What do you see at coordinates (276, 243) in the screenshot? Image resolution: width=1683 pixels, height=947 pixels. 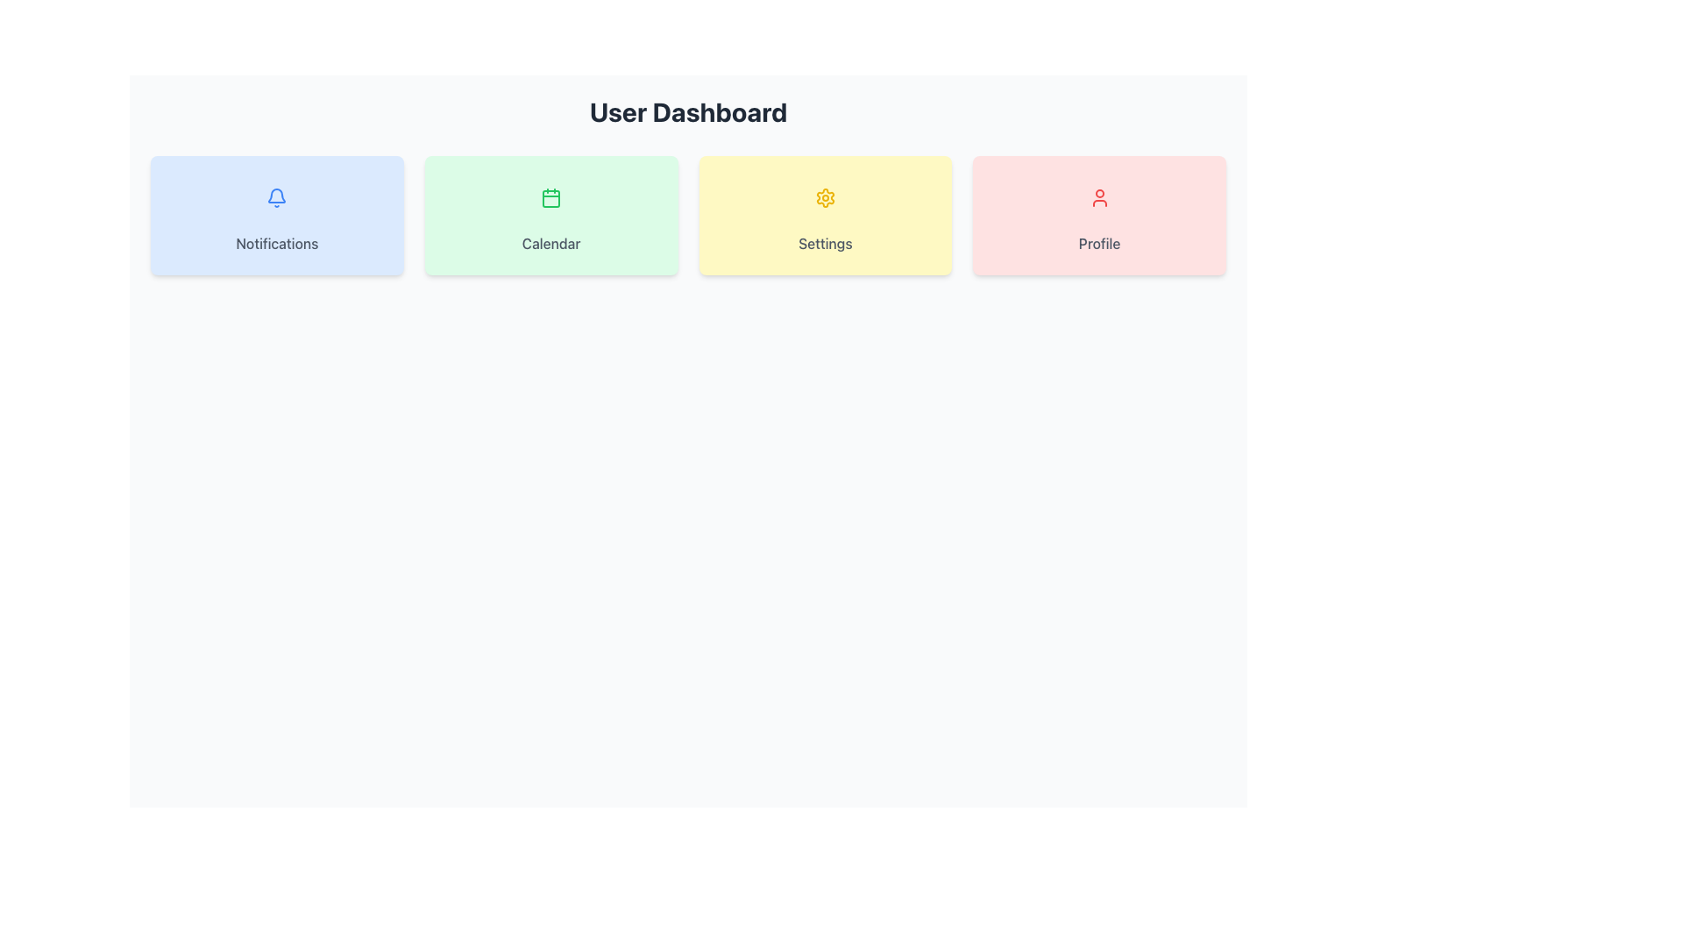 I see `the text label below the bell icon on the blue card in the top-left corner of the grid layout, which describes the card's purpose related to notifications` at bounding box center [276, 243].